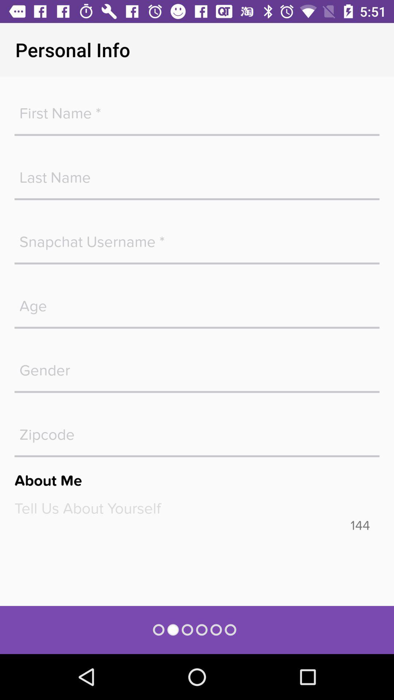 The height and width of the screenshot is (700, 394). Describe the element at coordinates (197, 366) in the screenshot. I see `gender` at that location.